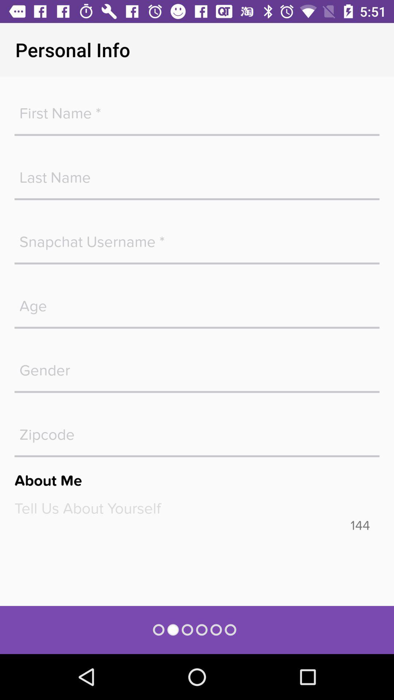 The height and width of the screenshot is (700, 394). Describe the element at coordinates (197, 366) in the screenshot. I see `gender` at that location.